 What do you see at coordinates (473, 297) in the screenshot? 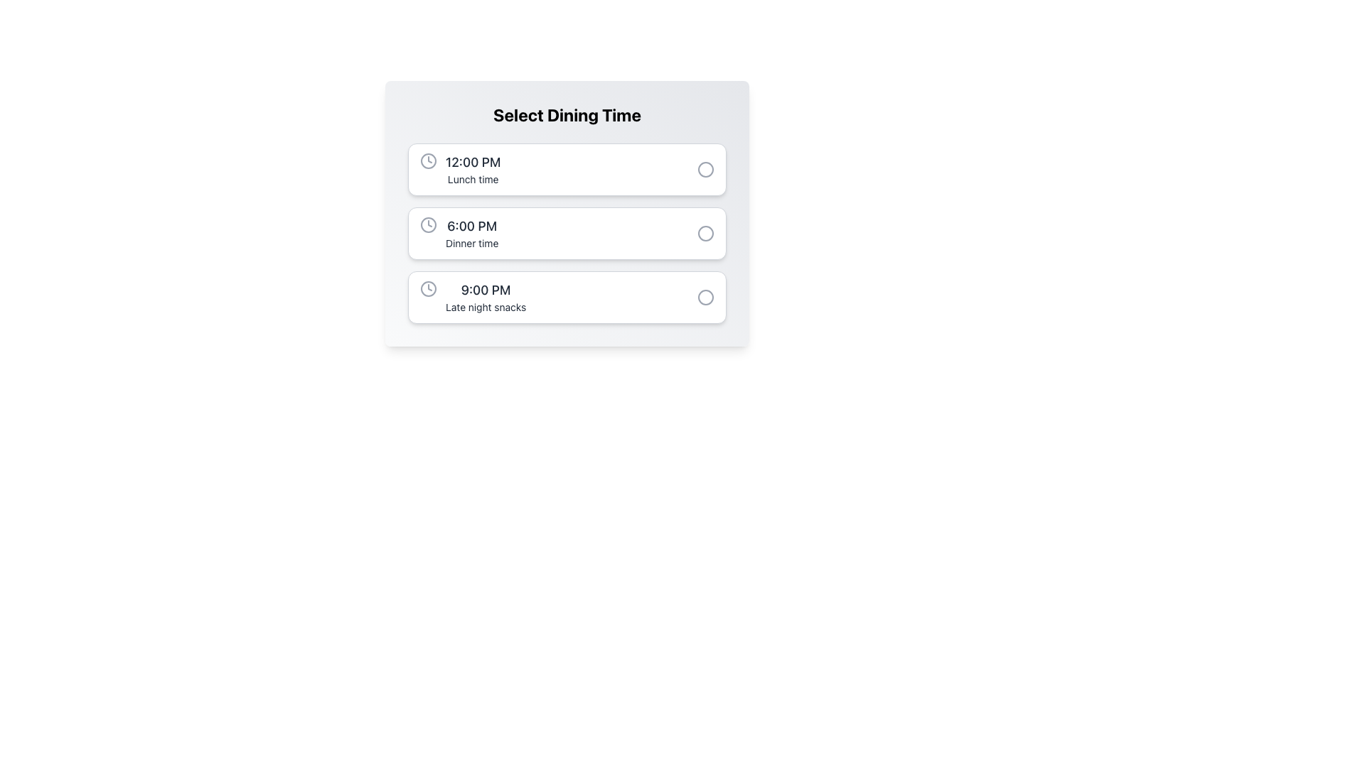
I see `the third selectable item in the 'Select Dining Time' list, which allows users to choose a specific time slot for an event` at bounding box center [473, 297].